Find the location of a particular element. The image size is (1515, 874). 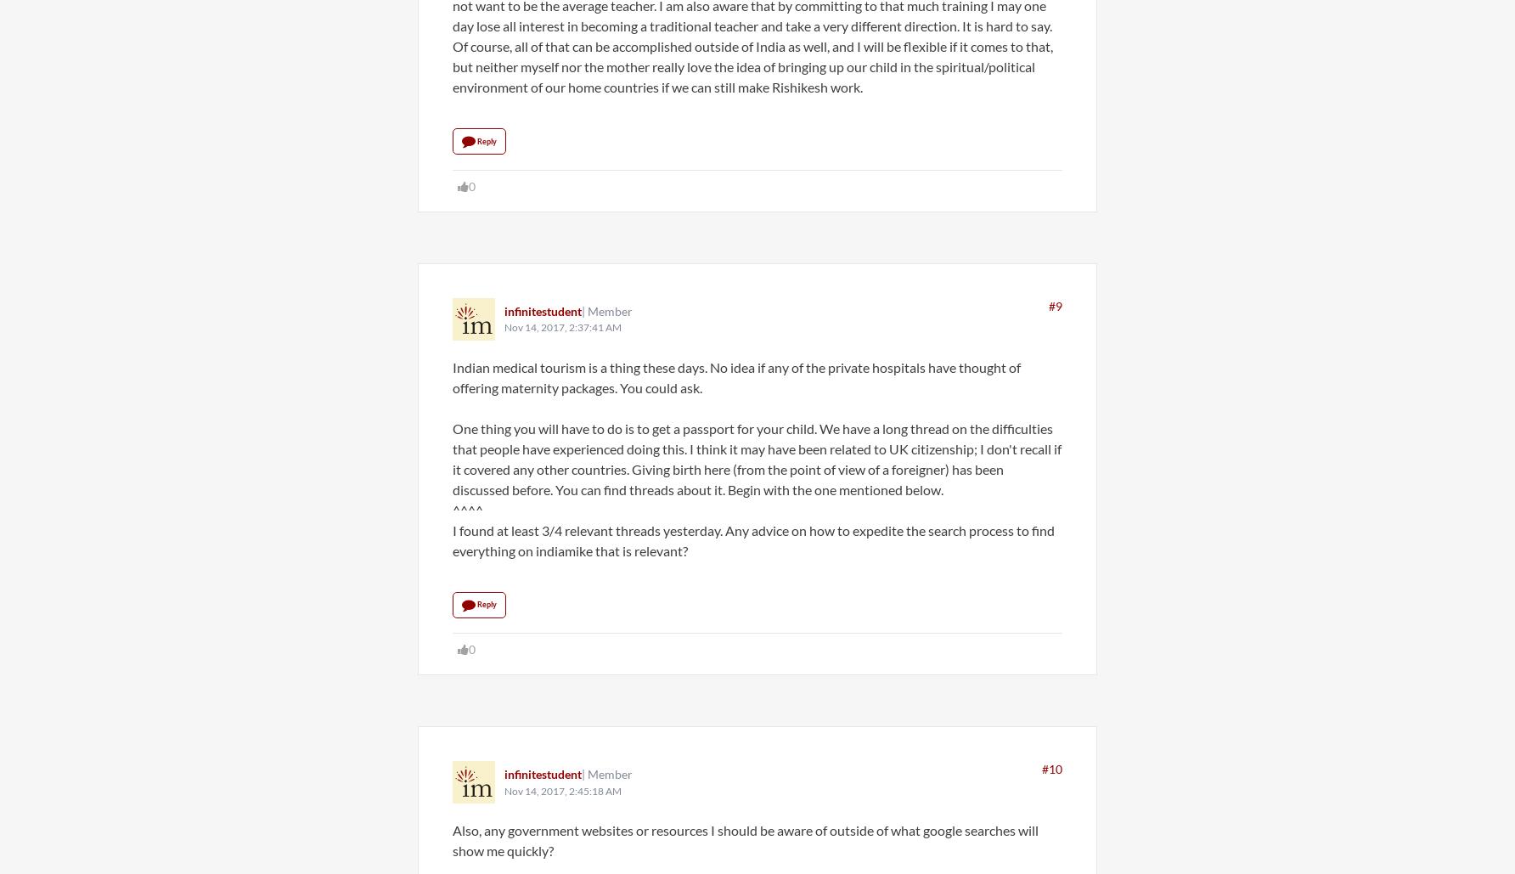

'Nov 14, 2017, 2:37:41 AM' is located at coordinates (504, 326).